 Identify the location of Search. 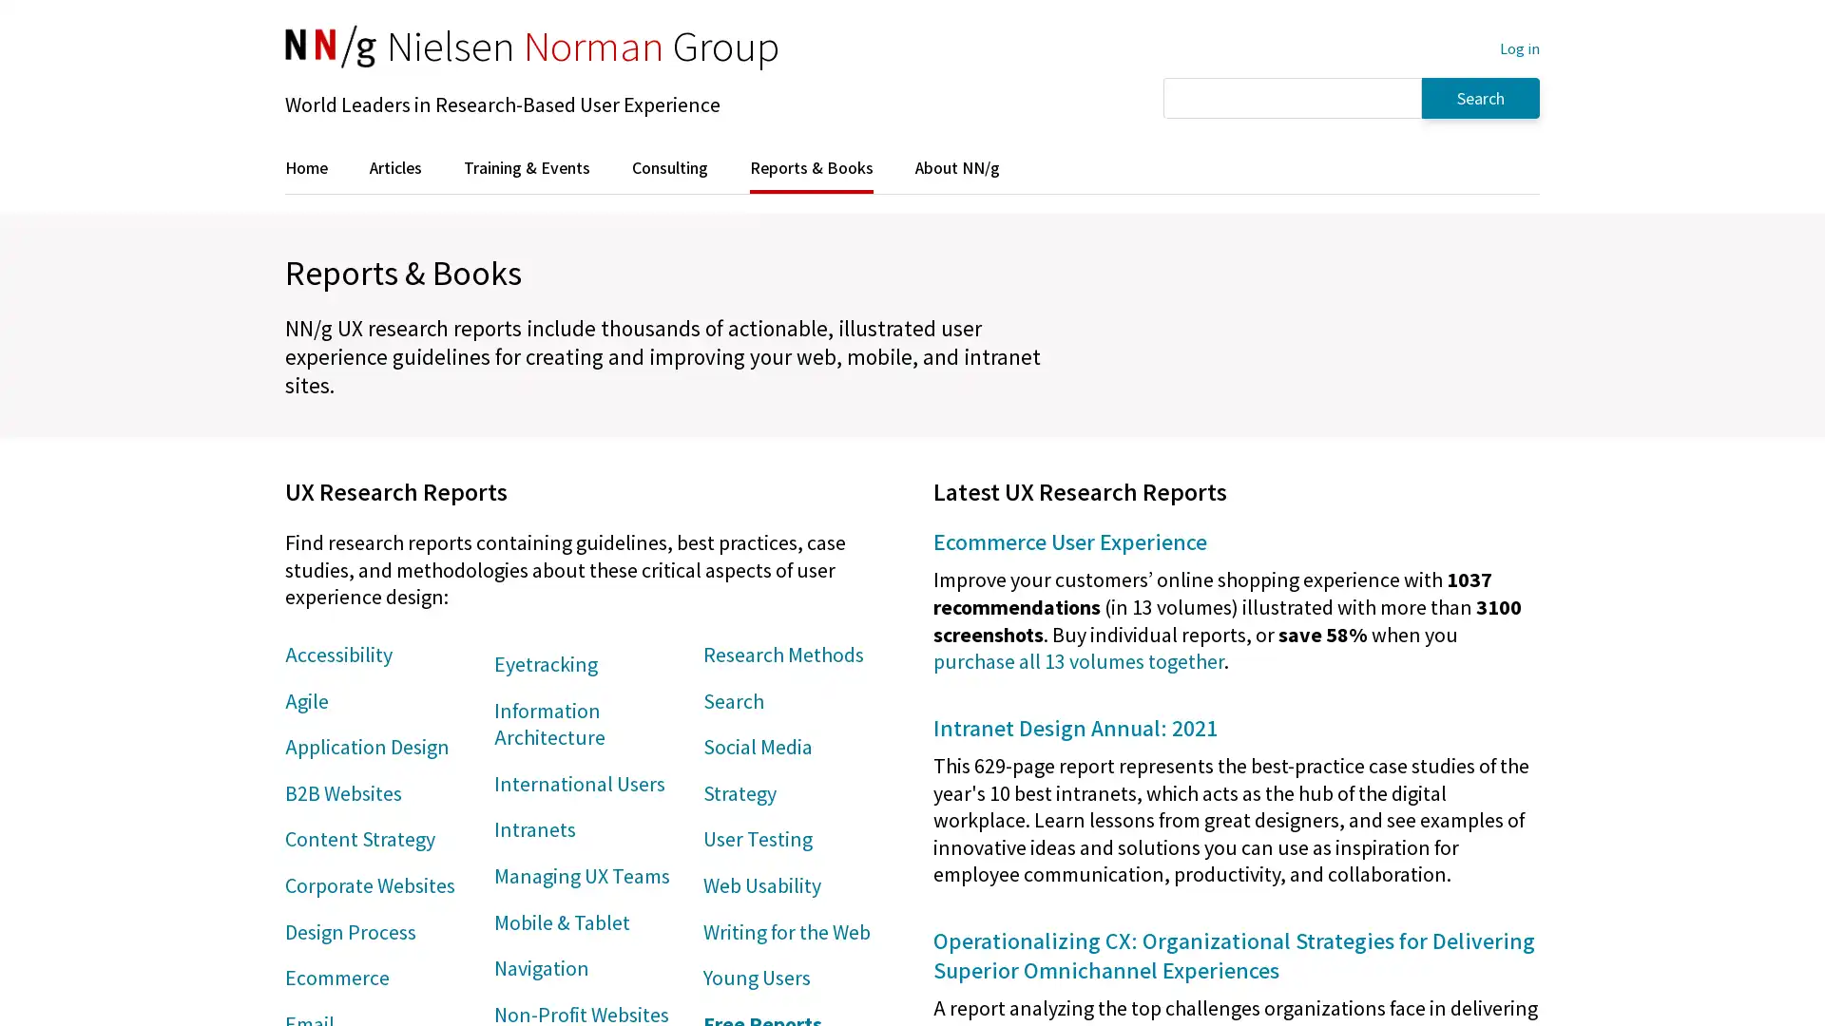
(1480, 97).